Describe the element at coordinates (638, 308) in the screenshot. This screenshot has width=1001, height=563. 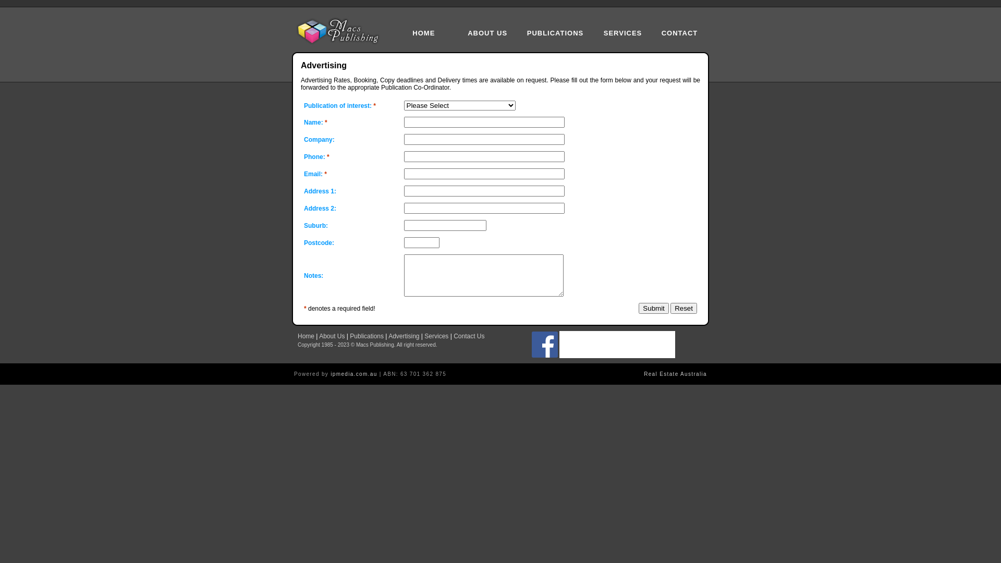
I see `'Submit'` at that location.